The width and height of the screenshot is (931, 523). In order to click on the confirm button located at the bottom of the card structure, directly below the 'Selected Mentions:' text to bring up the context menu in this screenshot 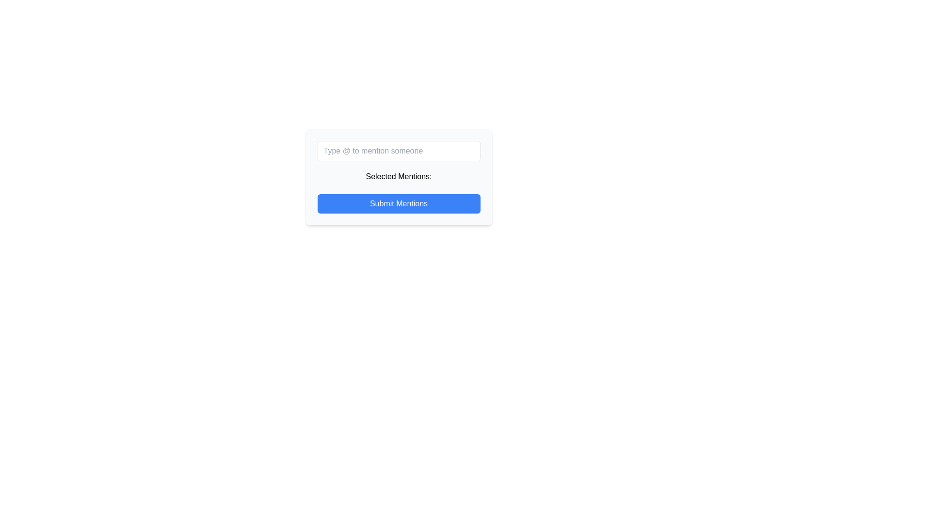, I will do `click(399, 203)`.